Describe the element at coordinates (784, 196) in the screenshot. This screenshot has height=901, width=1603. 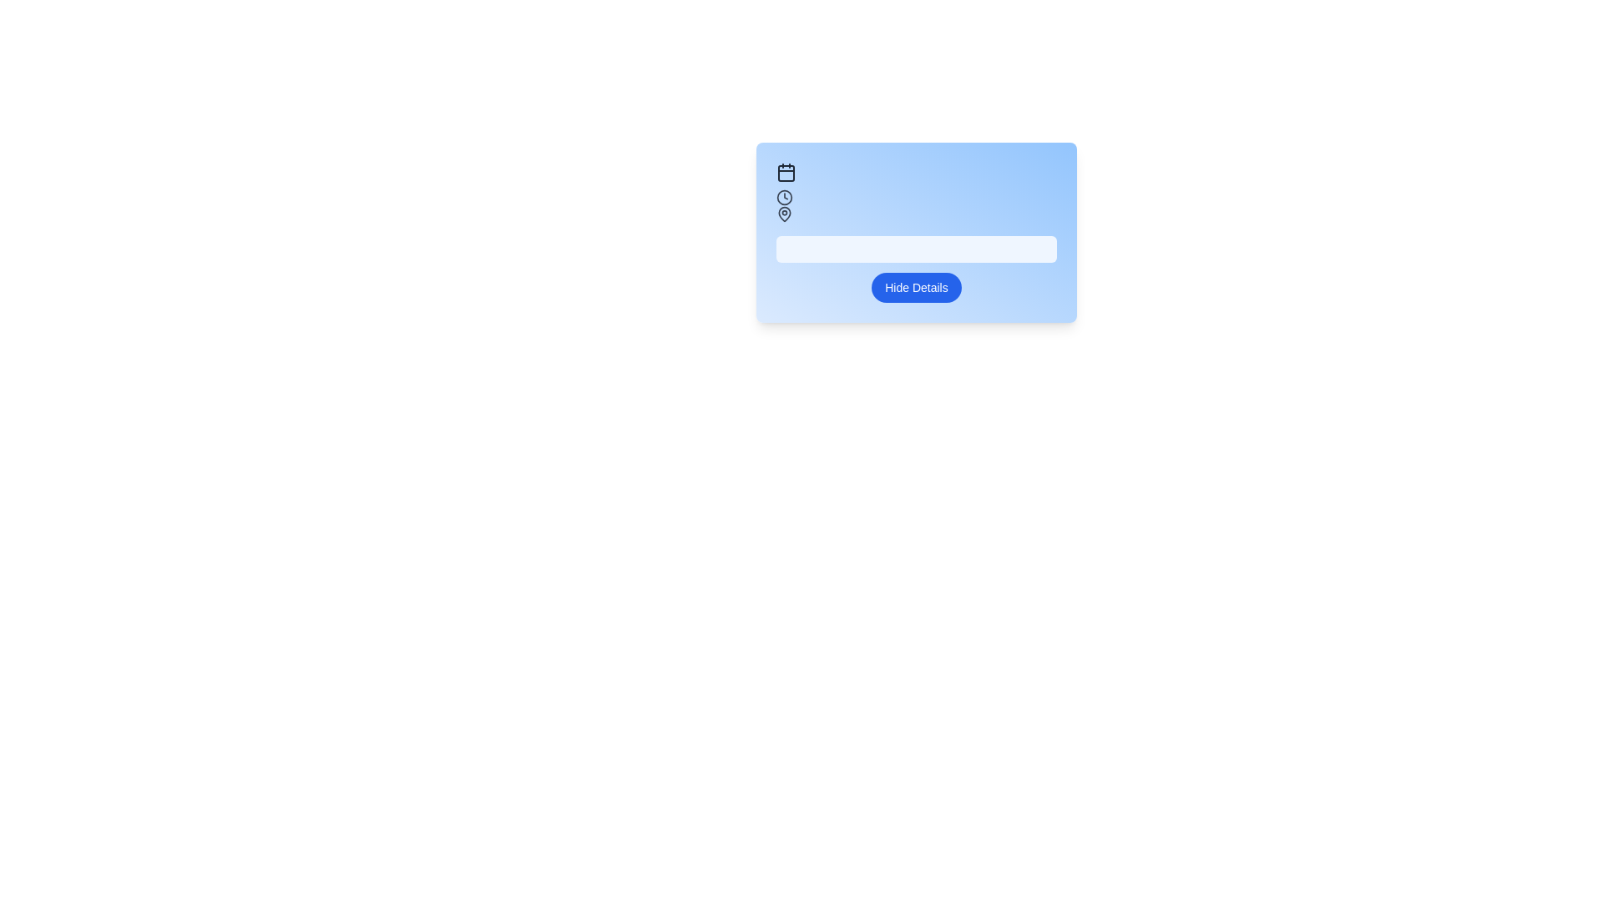
I see `the circular clock outline icon, which is centered above a location pin icon and below a calendar icon` at that location.